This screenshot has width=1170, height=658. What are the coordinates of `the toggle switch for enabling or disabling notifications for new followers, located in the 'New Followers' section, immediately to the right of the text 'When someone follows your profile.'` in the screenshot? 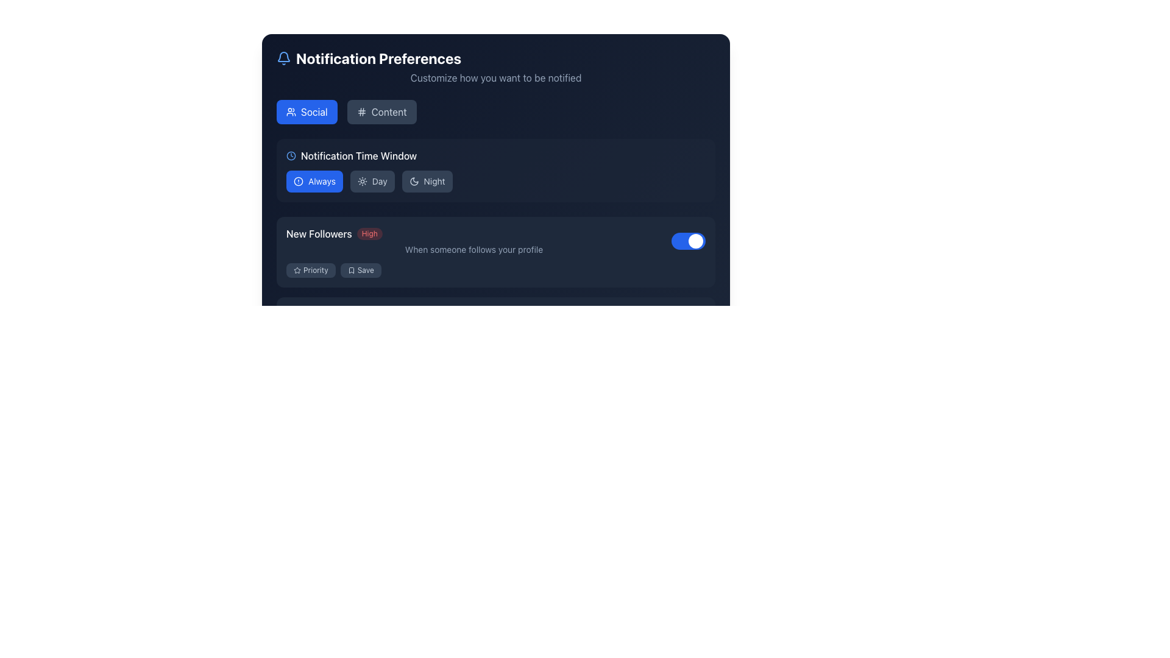 It's located at (688, 241).